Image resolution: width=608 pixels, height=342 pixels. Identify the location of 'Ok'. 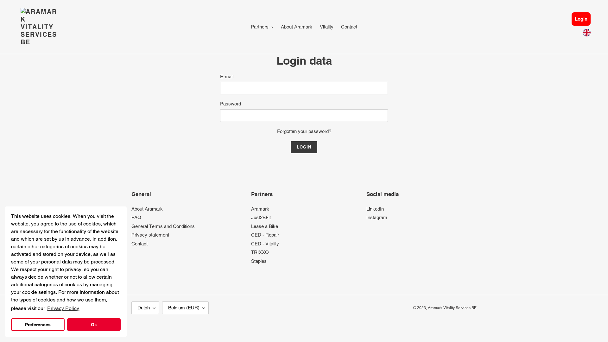
(93, 325).